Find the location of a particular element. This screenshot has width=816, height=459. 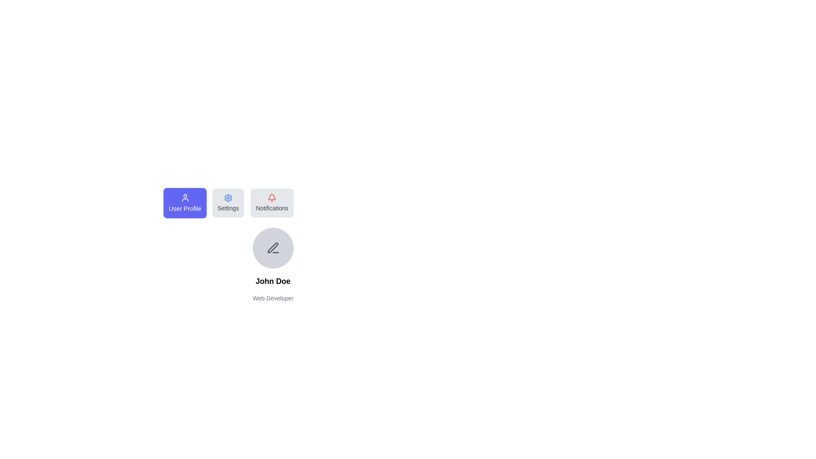

the leftmost button labeled 'User Profile' with a user icon at the top is located at coordinates (184, 203).